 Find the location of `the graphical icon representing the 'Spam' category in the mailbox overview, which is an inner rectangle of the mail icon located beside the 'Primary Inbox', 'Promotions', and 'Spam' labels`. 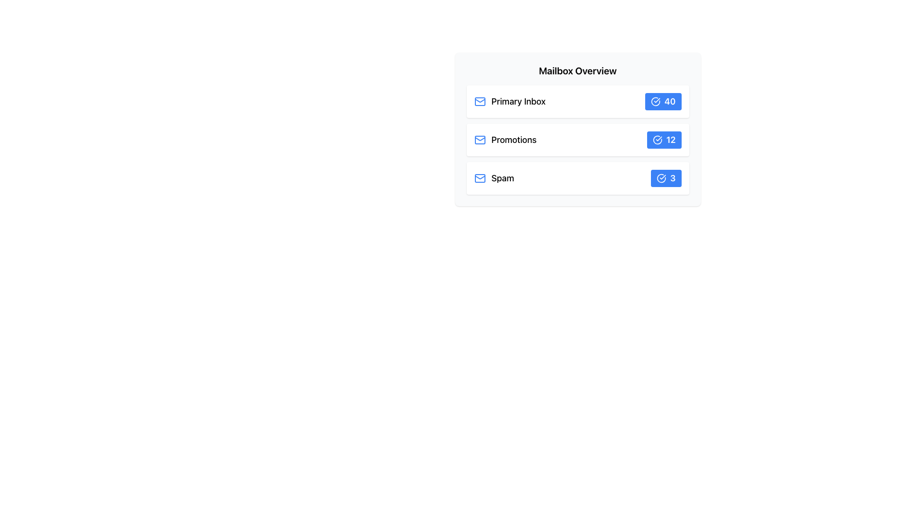

the graphical icon representing the 'Spam' category in the mailbox overview, which is an inner rectangle of the mail icon located beside the 'Primary Inbox', 'Promotions', and 'Spam' labels is located at coordinates (480, 178).